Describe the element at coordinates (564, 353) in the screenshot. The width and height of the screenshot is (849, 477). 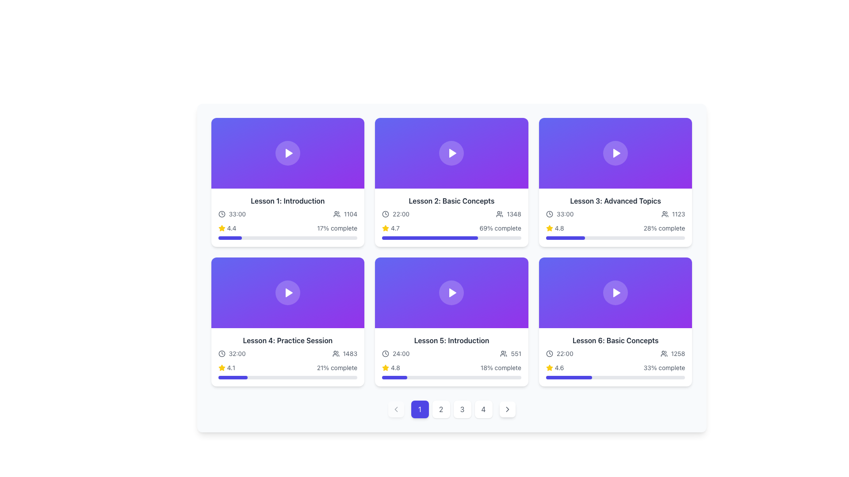
I see `the text element displaying '22:00' in light gray color, which is located in the second row of the sixth card, alongside a clock icon` at that location.